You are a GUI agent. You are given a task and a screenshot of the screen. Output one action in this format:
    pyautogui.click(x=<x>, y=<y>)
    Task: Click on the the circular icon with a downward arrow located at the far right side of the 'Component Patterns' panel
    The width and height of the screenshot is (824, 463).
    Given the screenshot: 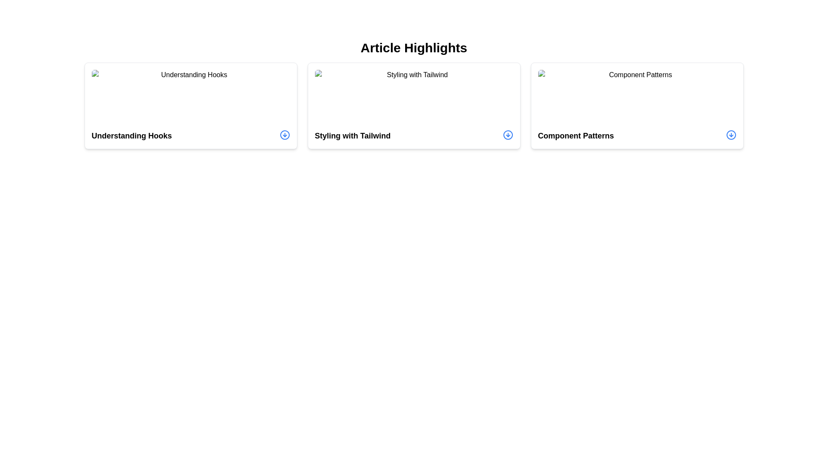 What is the action you would take?
    pyautogui.click(x=730, y=135)
    